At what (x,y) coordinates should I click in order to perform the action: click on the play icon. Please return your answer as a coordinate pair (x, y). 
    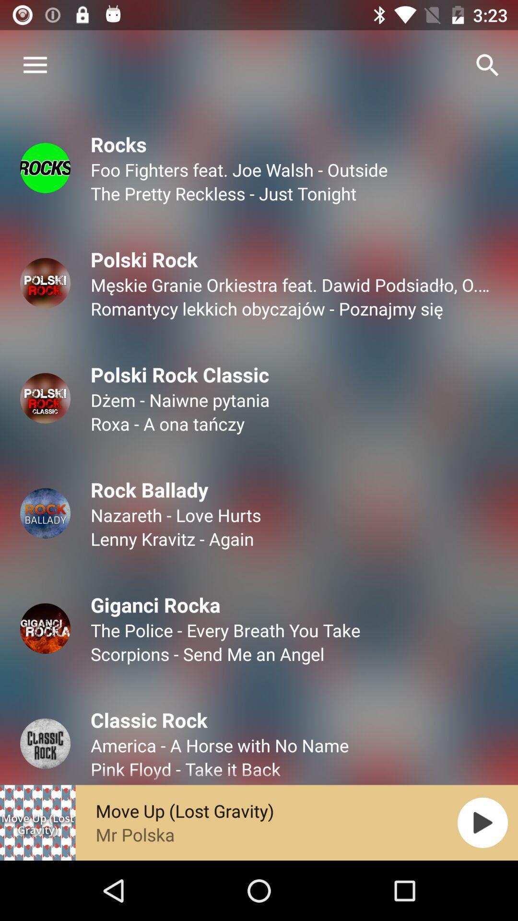
    Looking at the image, I should click on (483, 822).